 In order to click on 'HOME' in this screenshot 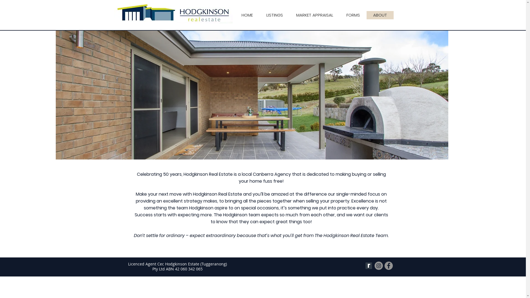, I will do `click(247, 15)`.